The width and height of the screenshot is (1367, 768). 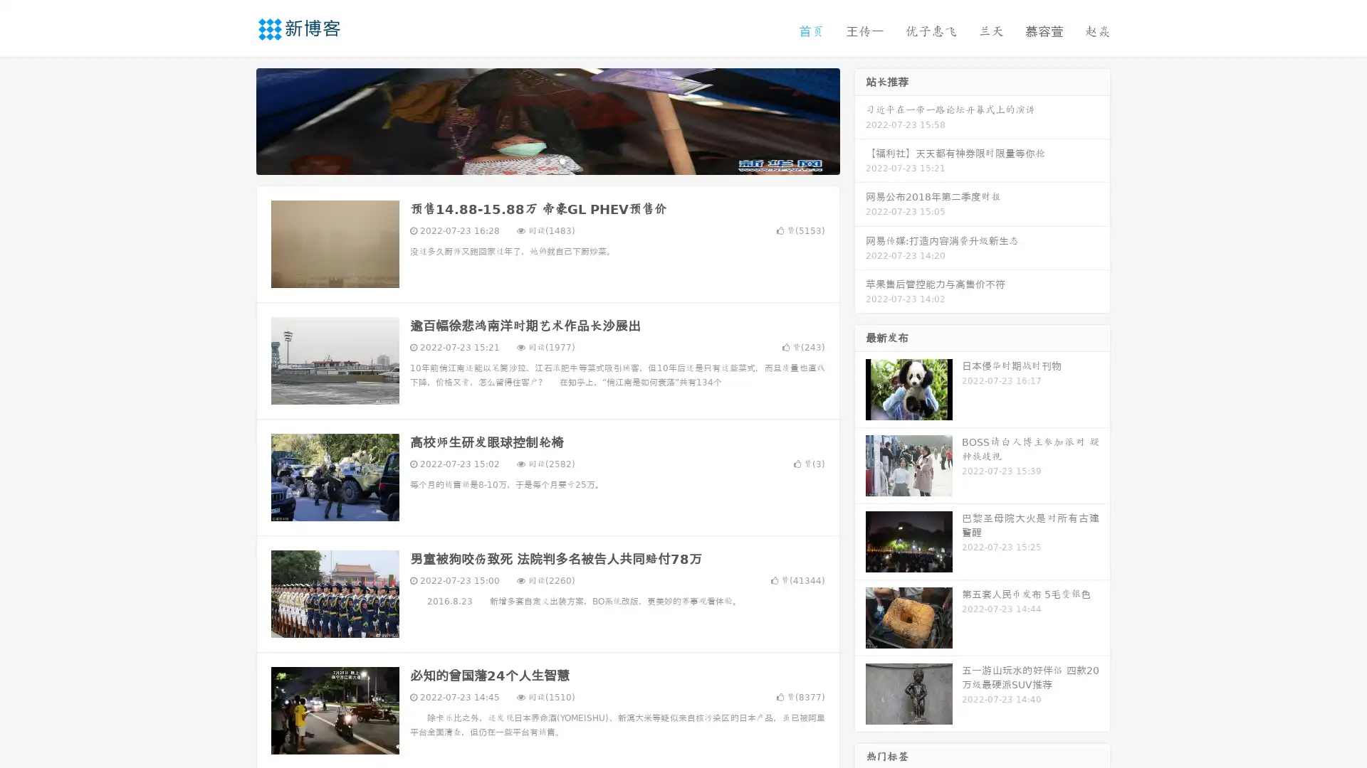 What do you see at coordinates (547, 160) in the screenshot?
I see `Go to slide 2` at bounding box center [547, 160].